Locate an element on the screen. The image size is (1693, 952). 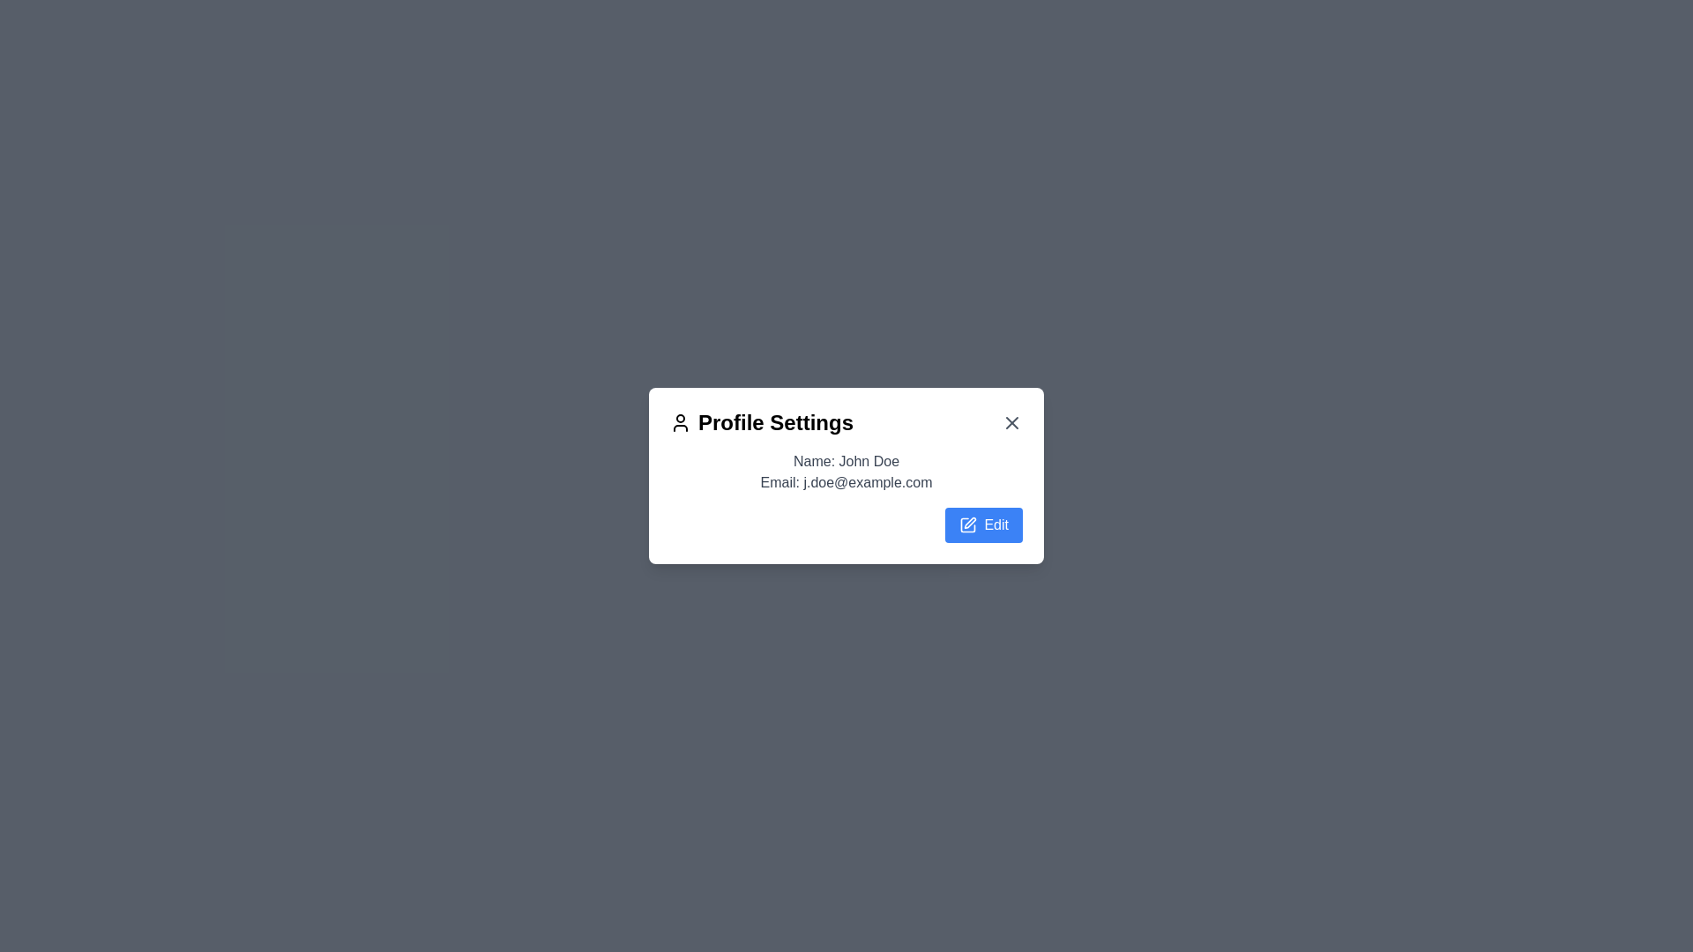
the static text display showing 'Name: John Doe' and 'Email: j.doe@example.com' in gray color, located centrally in the modal under the 'Profile Settings' header is located at coordinates (846, 472).